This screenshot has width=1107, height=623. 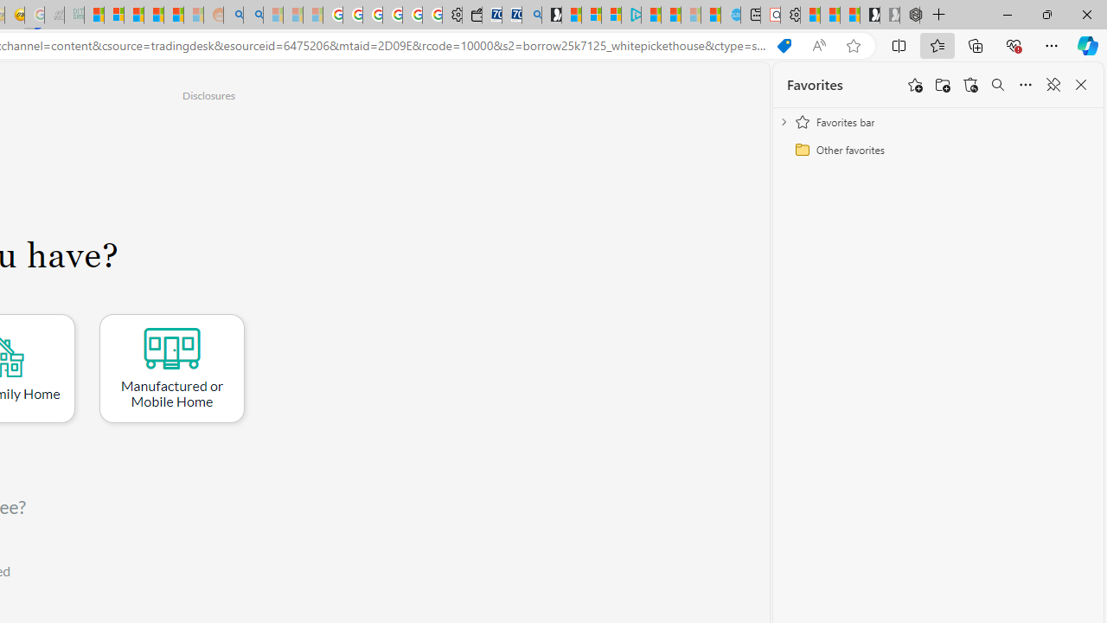 I want to click on 'Close favorites', so click(x=1080, y=85).